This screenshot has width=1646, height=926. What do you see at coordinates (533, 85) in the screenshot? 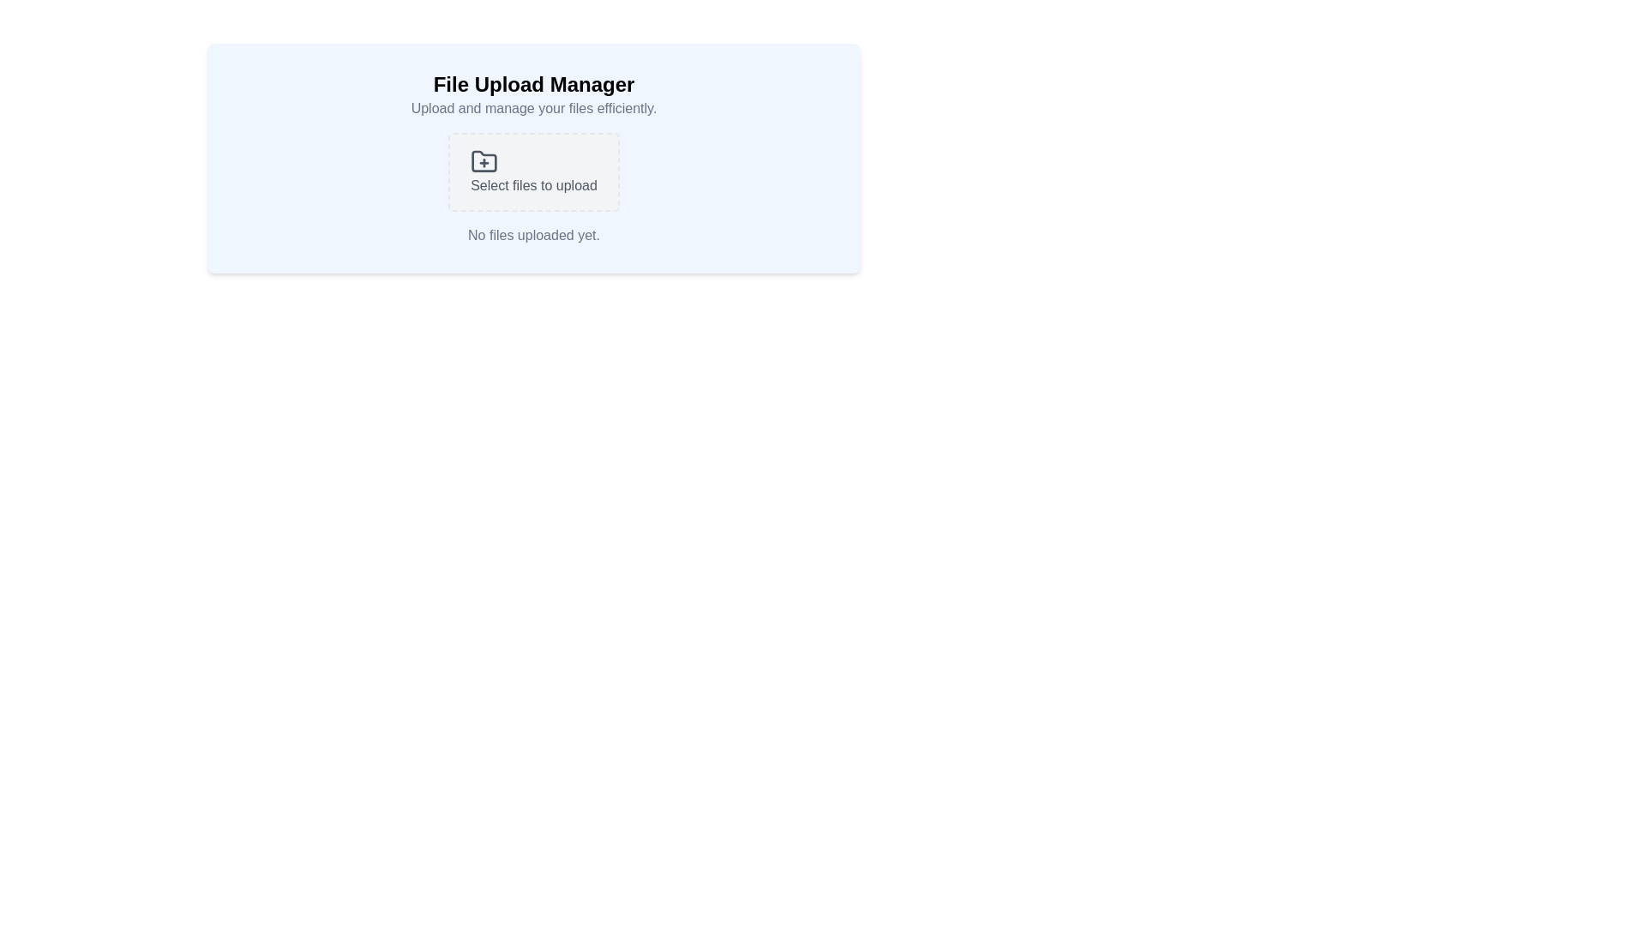
I see `the main title text for the file upload manager interface, which provides context about the feature of the page` at bounding box center [533, 85].